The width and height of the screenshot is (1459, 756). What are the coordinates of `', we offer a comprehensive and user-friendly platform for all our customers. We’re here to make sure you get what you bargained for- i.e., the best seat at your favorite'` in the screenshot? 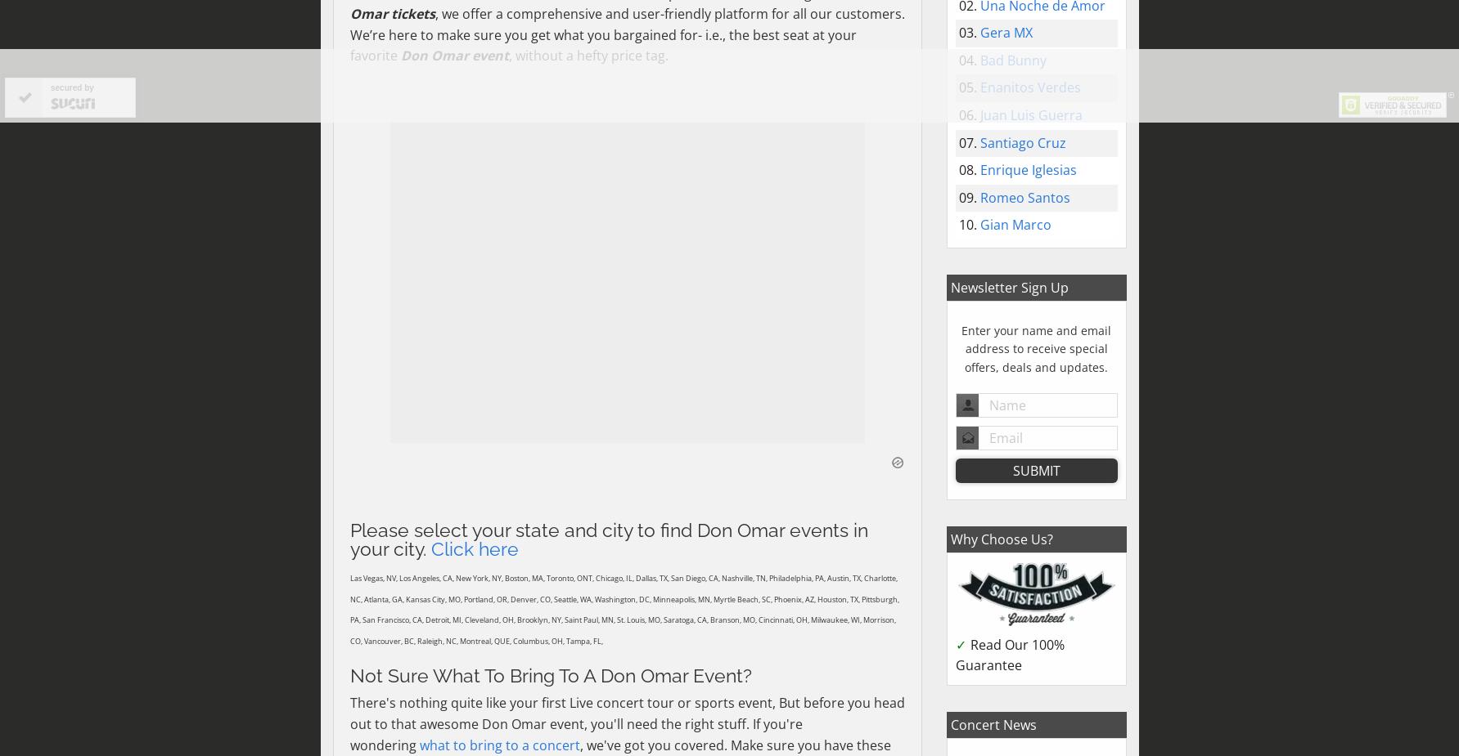 It's located at (625, 34).